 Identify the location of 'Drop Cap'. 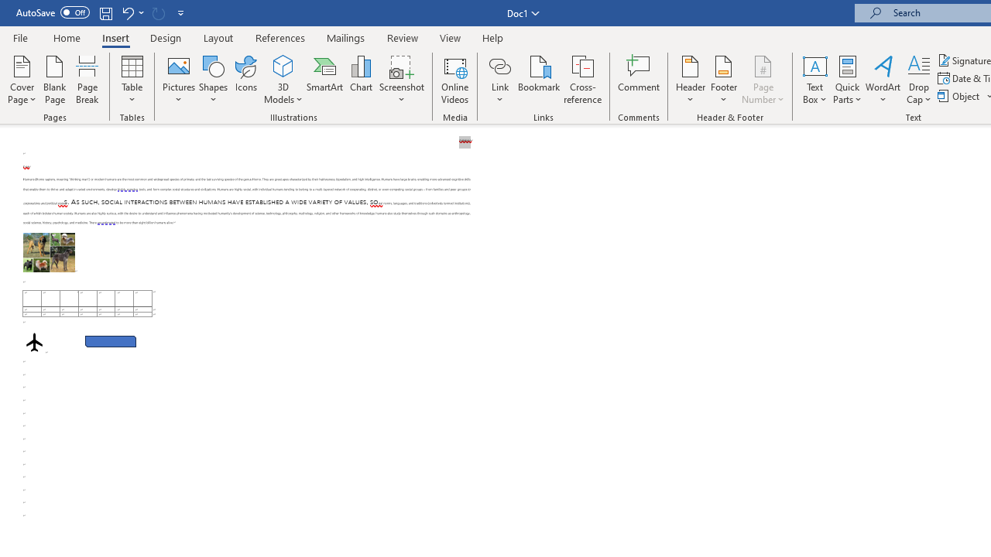
(919, 80).